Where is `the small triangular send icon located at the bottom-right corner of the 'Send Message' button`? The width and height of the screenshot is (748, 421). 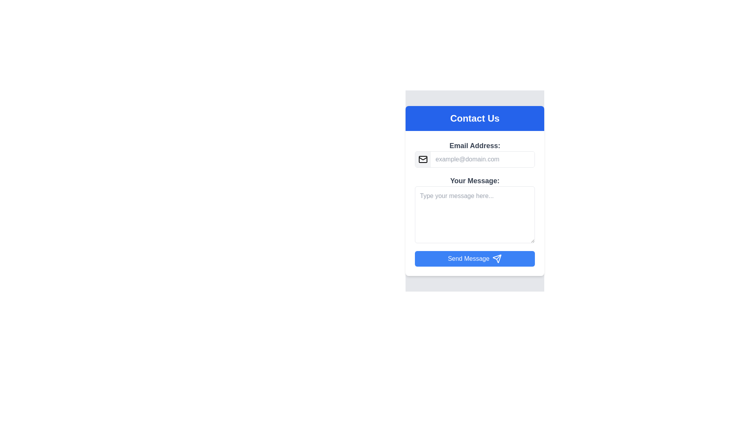 the small triangular send icon located at the bottom-right corner of the 'Send Message' button is located at coordinates (497, 258).